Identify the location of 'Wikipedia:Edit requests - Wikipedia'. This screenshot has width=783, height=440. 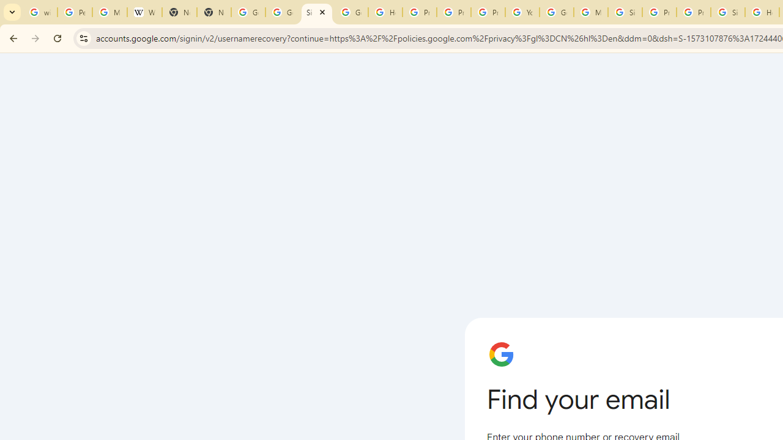
(144, 12).